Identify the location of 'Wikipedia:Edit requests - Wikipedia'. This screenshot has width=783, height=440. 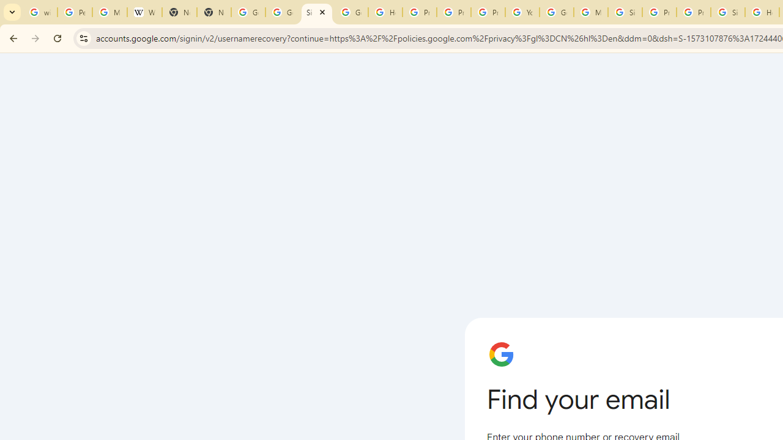
(144, 12).